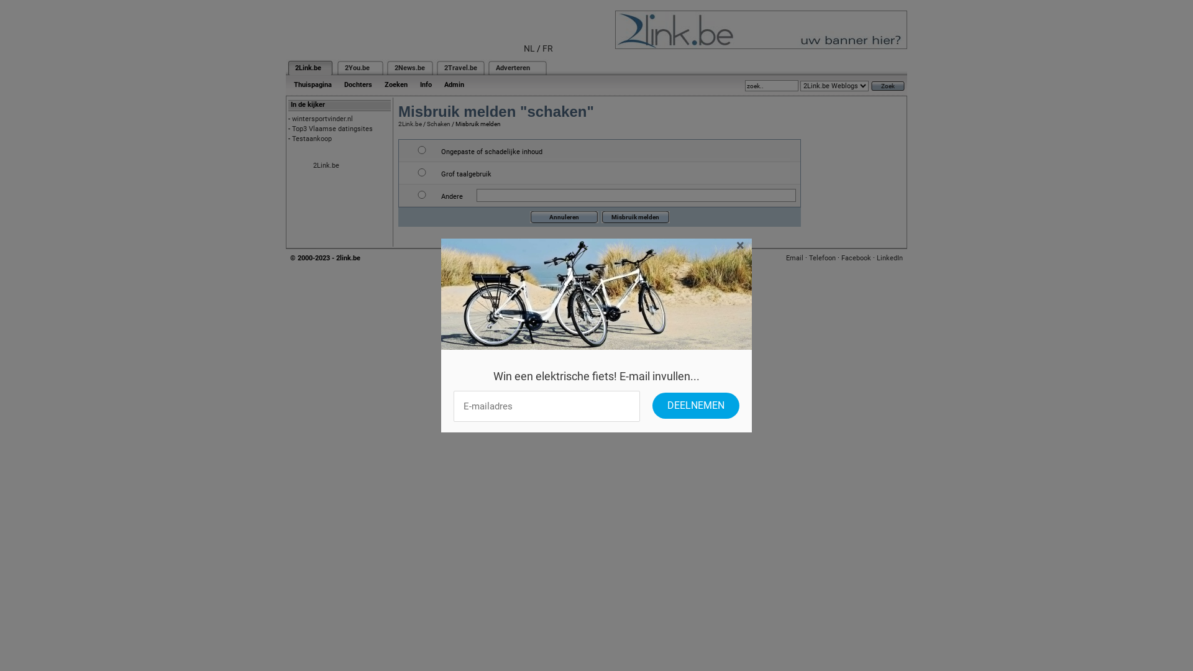 This screenshot has width=1193, height=671. Describe the element at coordinates (495, 68) in the screenshot. I see `'Adverteren'` at that location.